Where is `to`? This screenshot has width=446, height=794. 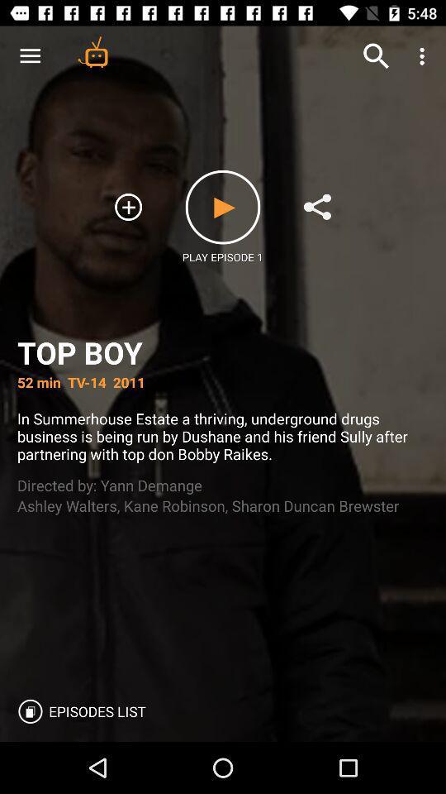
to is located at coordinates (127, 206).